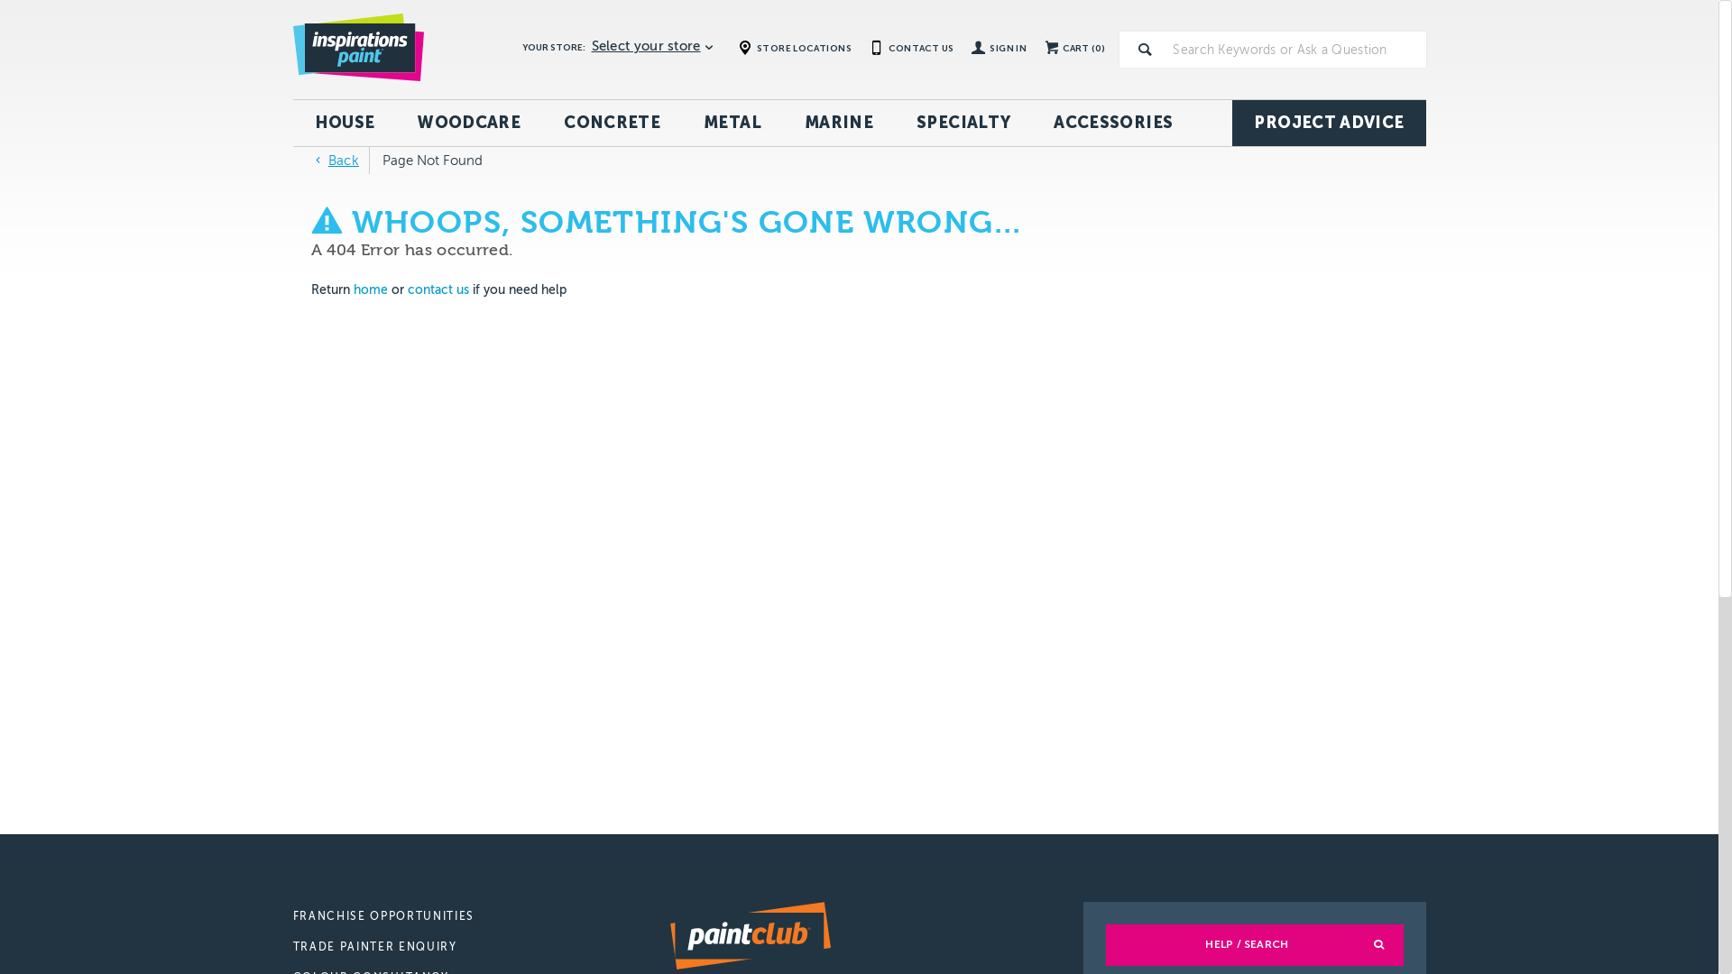 The height and width of the screenshot is (974, 1732). What do you see at coordinates (963, 122) in the screenshot?
I see `'SPECIALTY'` at bounding box center [963, 122].